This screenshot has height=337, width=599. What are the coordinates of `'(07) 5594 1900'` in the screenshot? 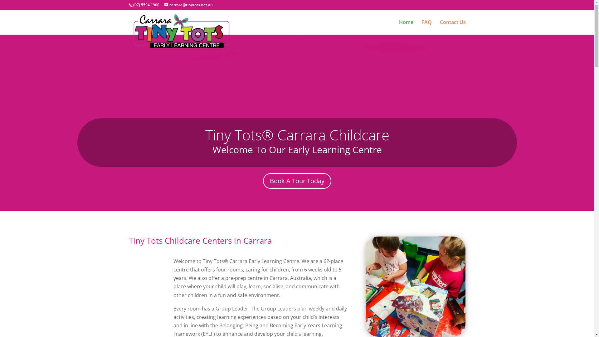 It's located at (145, 5).